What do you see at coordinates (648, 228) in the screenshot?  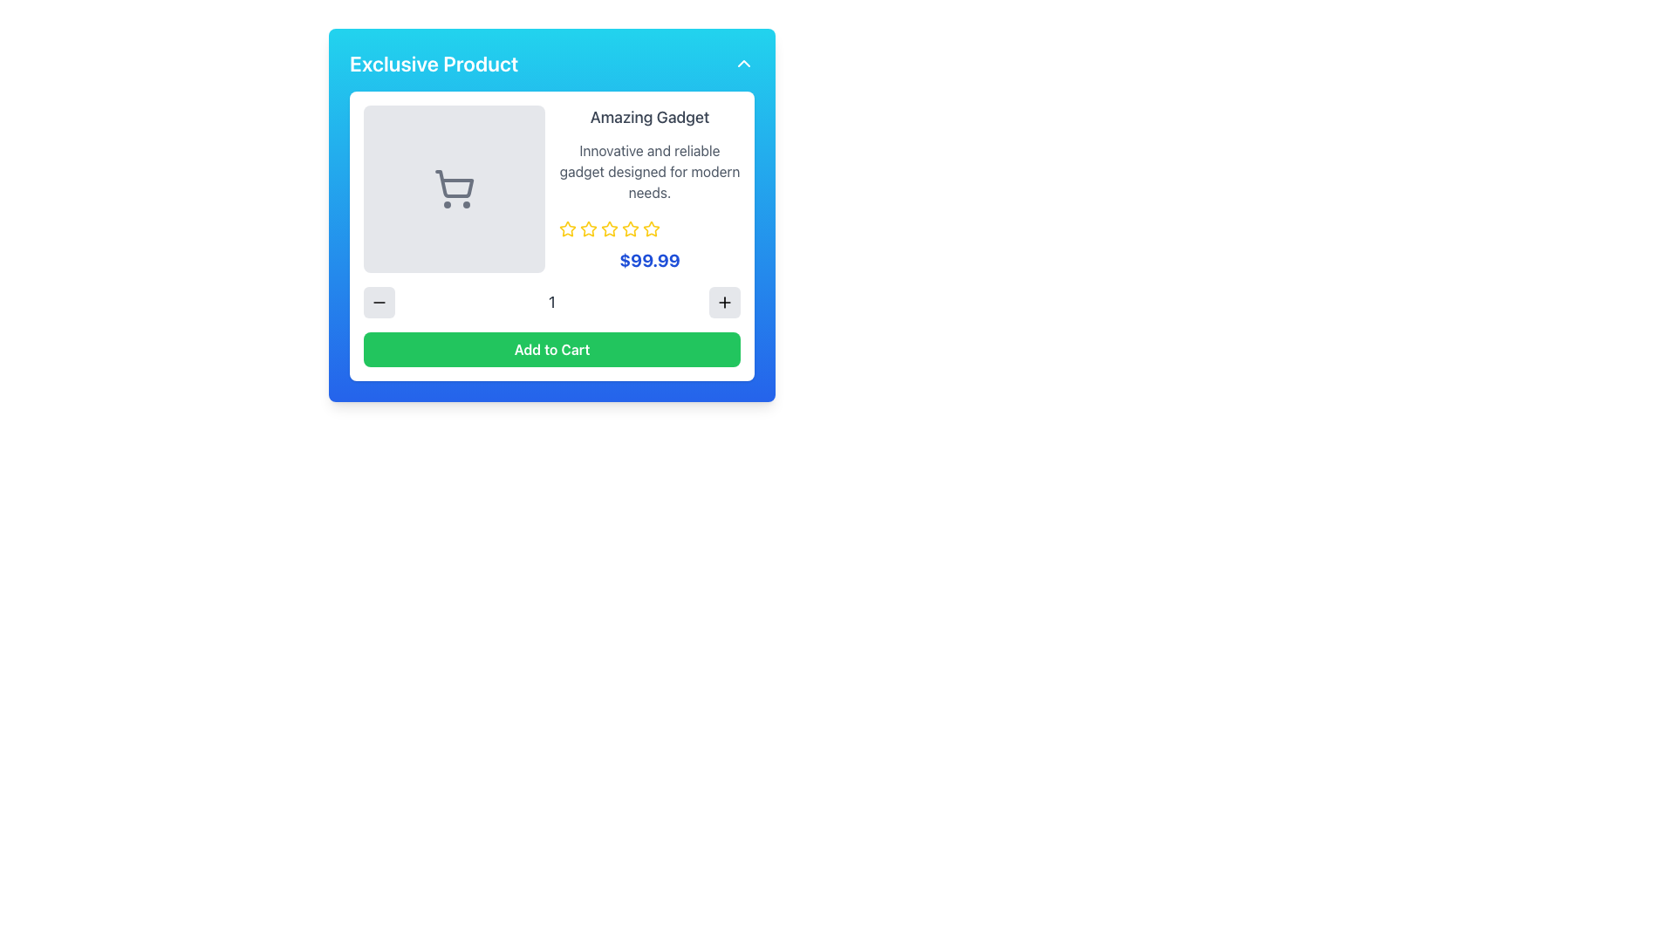 I see `the rating display by clicking on the star icons, which are represented by five yellow star icons located beneath the product description and above the price` at bounding box center [648, 228].